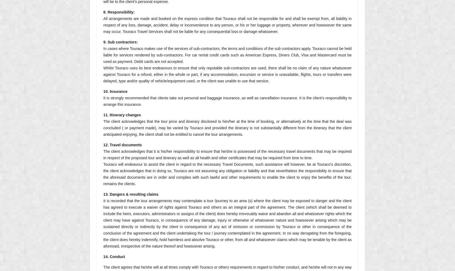 The width and height of the screenshot is (455, 271). I want to click on 'In cases where Touraco makes use of the services of sub-contractors, the terms and conditions of the sub contractors apply. Touraco cannot be held liable for services rendered by sub-contractors. For car rental credit cards such as American Express, Diners Club, Visa and Mastercard must be used as payment. Debit cards are not accepted.', so click(227, 55).